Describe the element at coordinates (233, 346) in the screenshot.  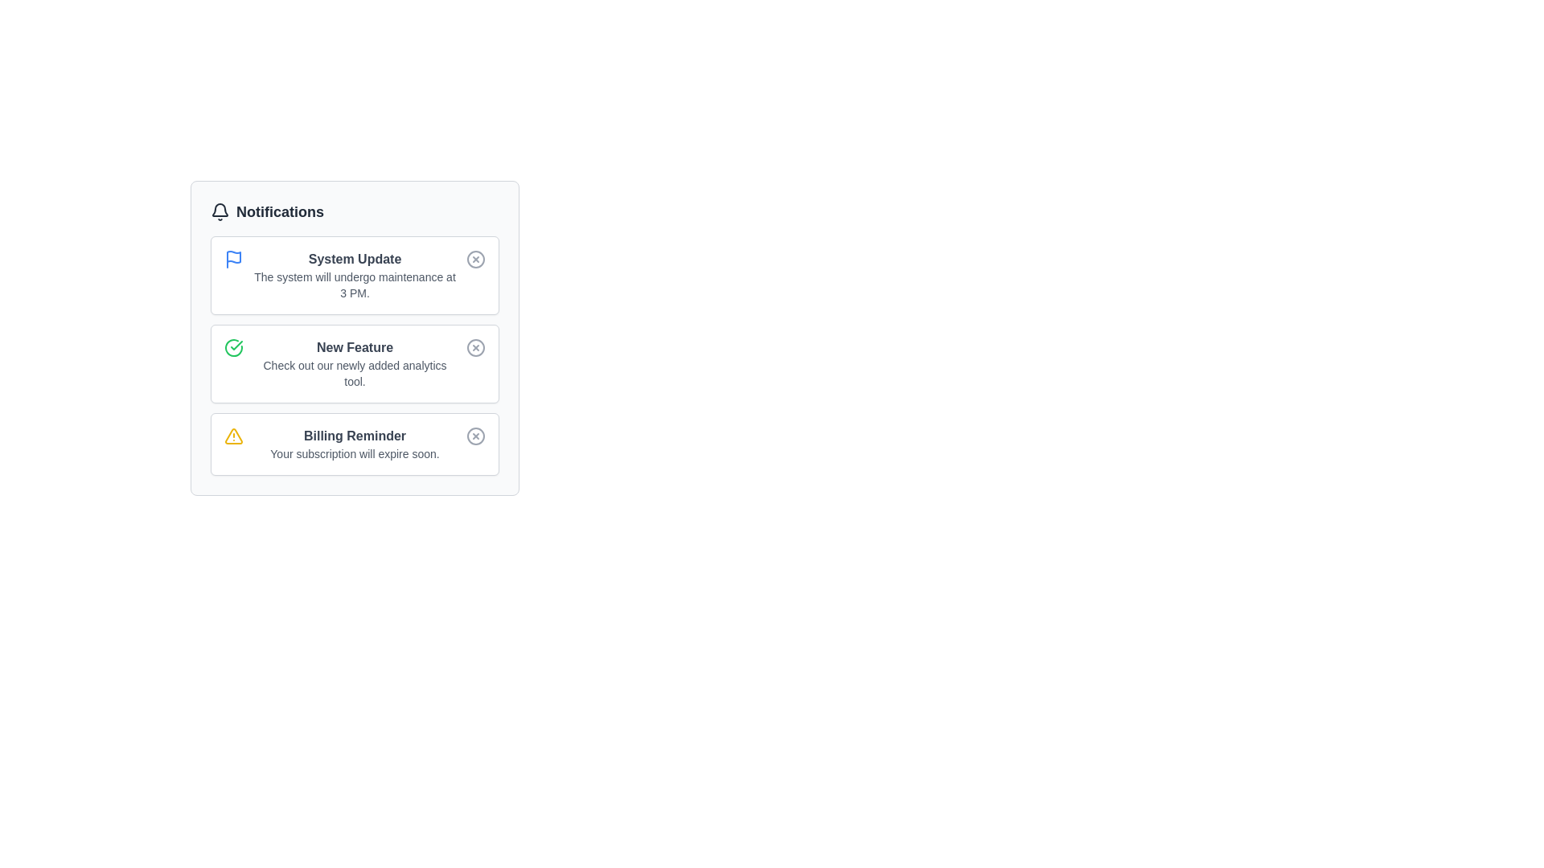
I see `the SVG icon that indicates successful status within the notification card, which is the second item to the left of the 'New Feature' text` at that location.